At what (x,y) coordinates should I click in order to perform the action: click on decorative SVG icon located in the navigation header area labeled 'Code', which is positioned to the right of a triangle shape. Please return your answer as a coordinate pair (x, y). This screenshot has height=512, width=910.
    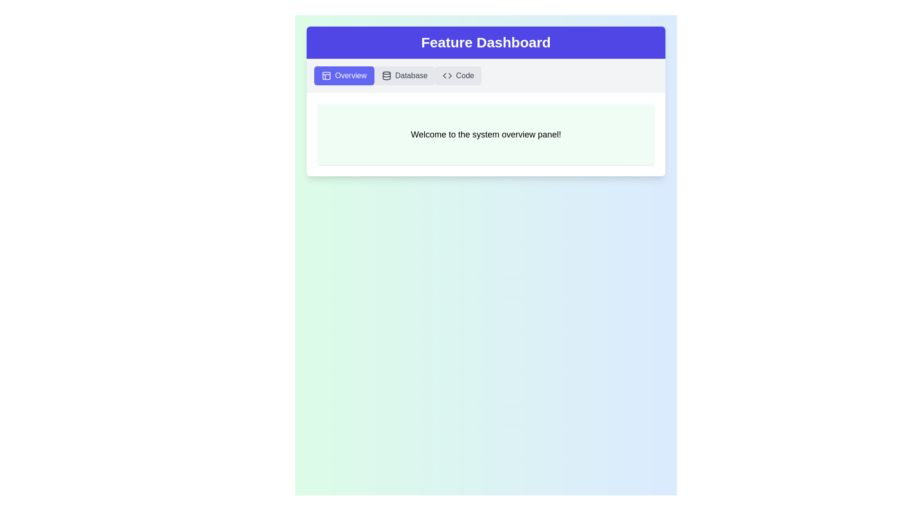
    Looking at the image, I should click on (450, 75).